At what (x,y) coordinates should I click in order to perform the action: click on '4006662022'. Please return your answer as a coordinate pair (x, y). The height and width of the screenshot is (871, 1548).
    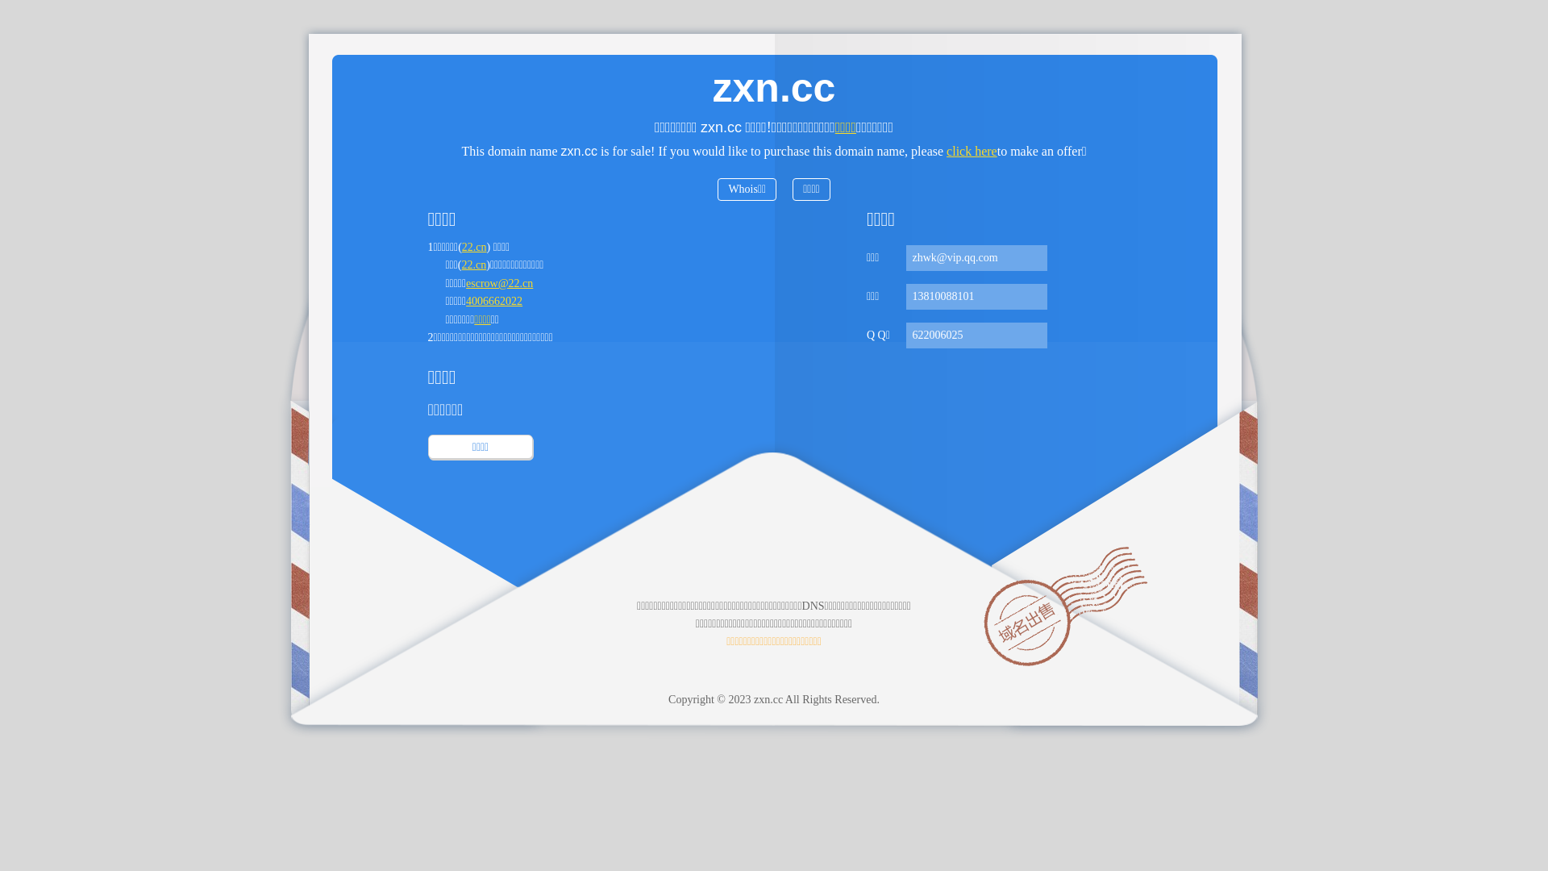
    Looking at the image, I should click on (493, 301).